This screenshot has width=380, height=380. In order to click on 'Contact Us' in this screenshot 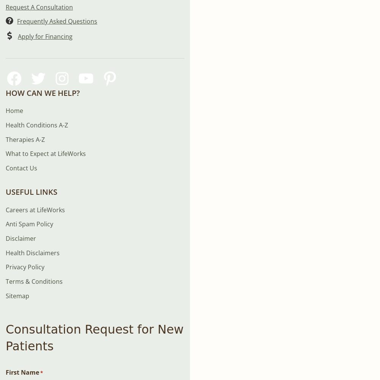, I will do `click(6, 167)`.